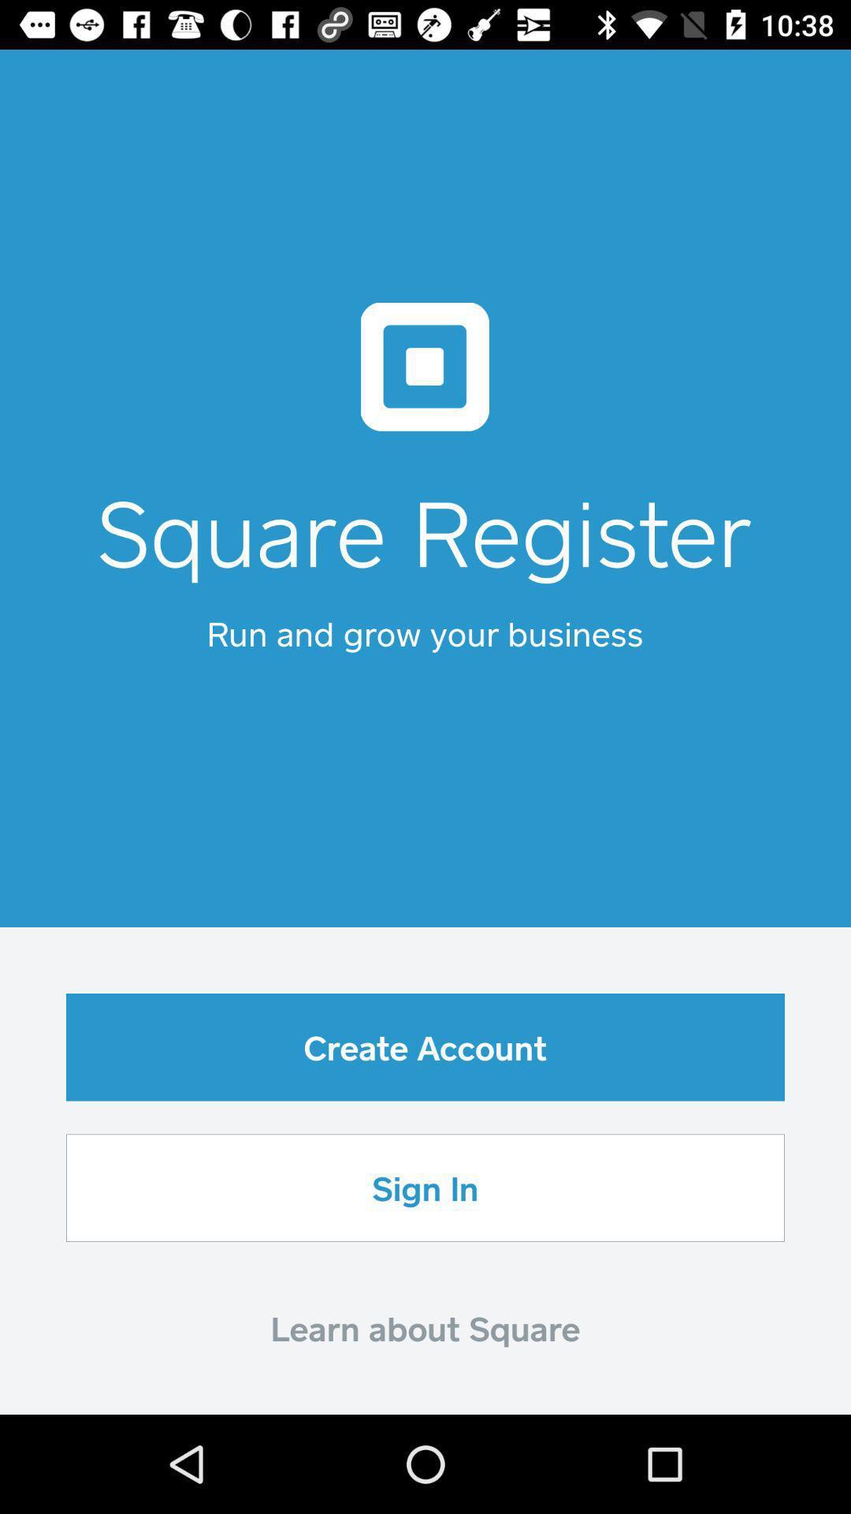 This screenshot has height=1514, width=851. What do you see at coordinates (425, 1047) in the screenshot?
I see `the create account item` at bounding box center [425, 1047].